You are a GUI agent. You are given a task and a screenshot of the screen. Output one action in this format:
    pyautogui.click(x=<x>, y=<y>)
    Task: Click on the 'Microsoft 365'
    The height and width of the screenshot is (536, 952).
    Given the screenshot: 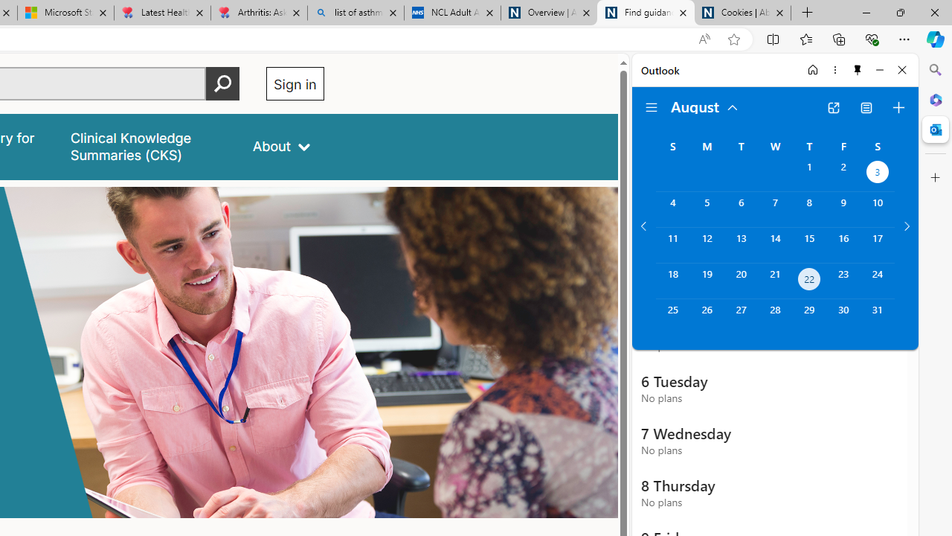 What is the action you would take?
    pyautogui.click(x=935, y=99)
    